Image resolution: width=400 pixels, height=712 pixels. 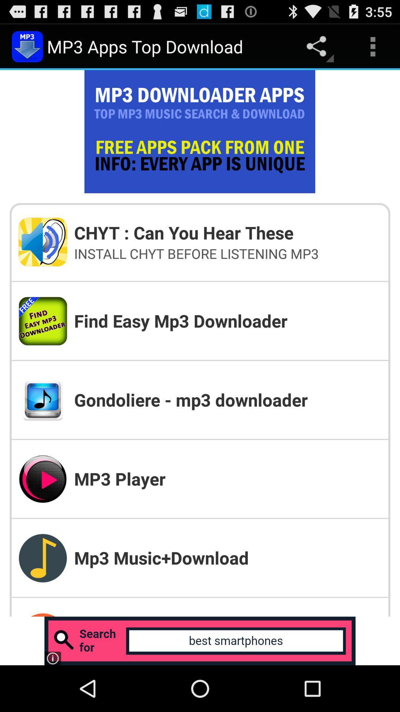 What do you see at coordinates (227, 399) in the screenshot?
I see `gondoliere - mp3 downloader` at bounding box center [227, 399].